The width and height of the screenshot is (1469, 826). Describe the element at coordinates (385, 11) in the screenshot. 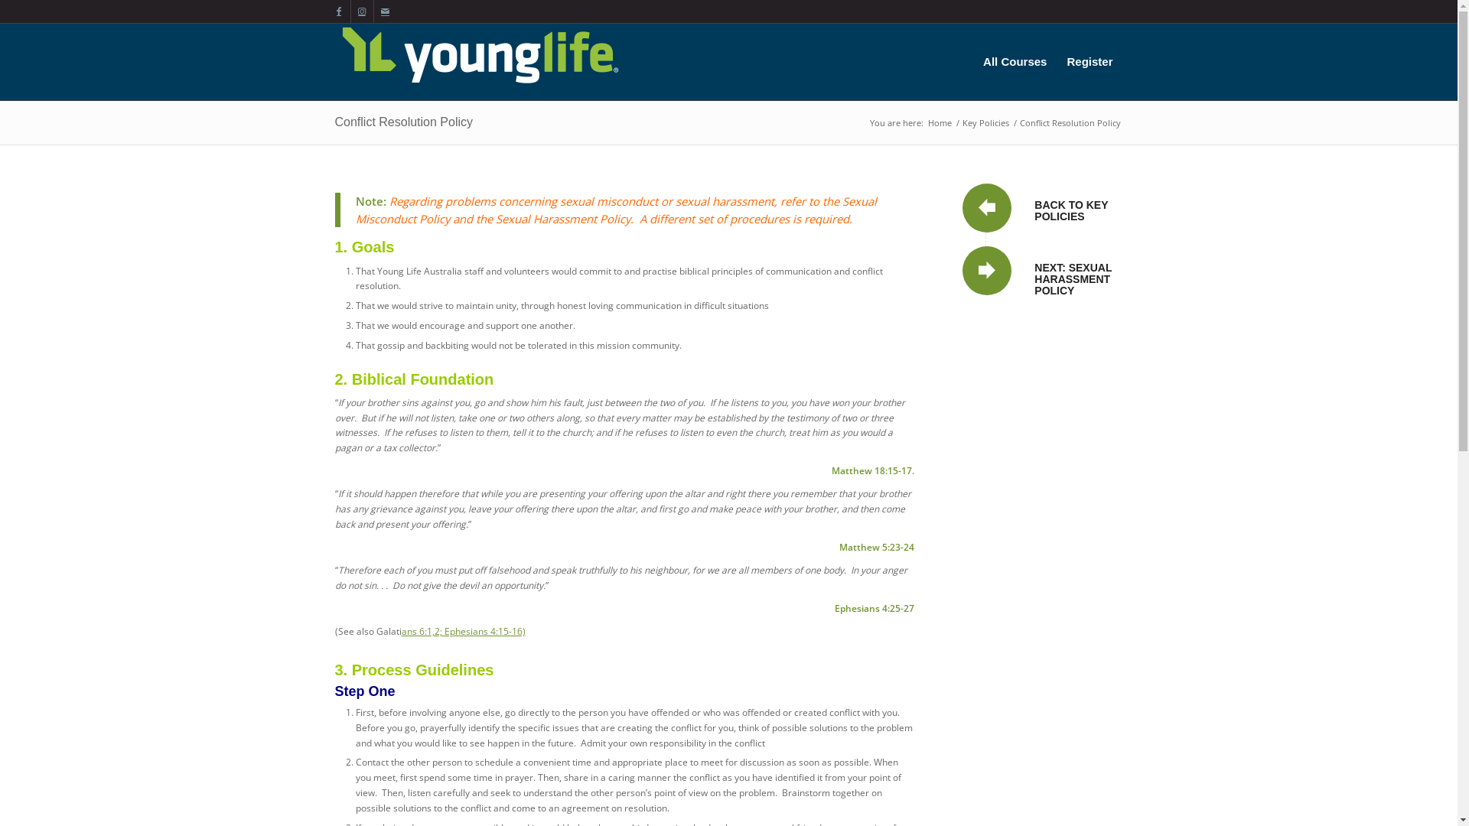

I see `'Mail'` at that location.